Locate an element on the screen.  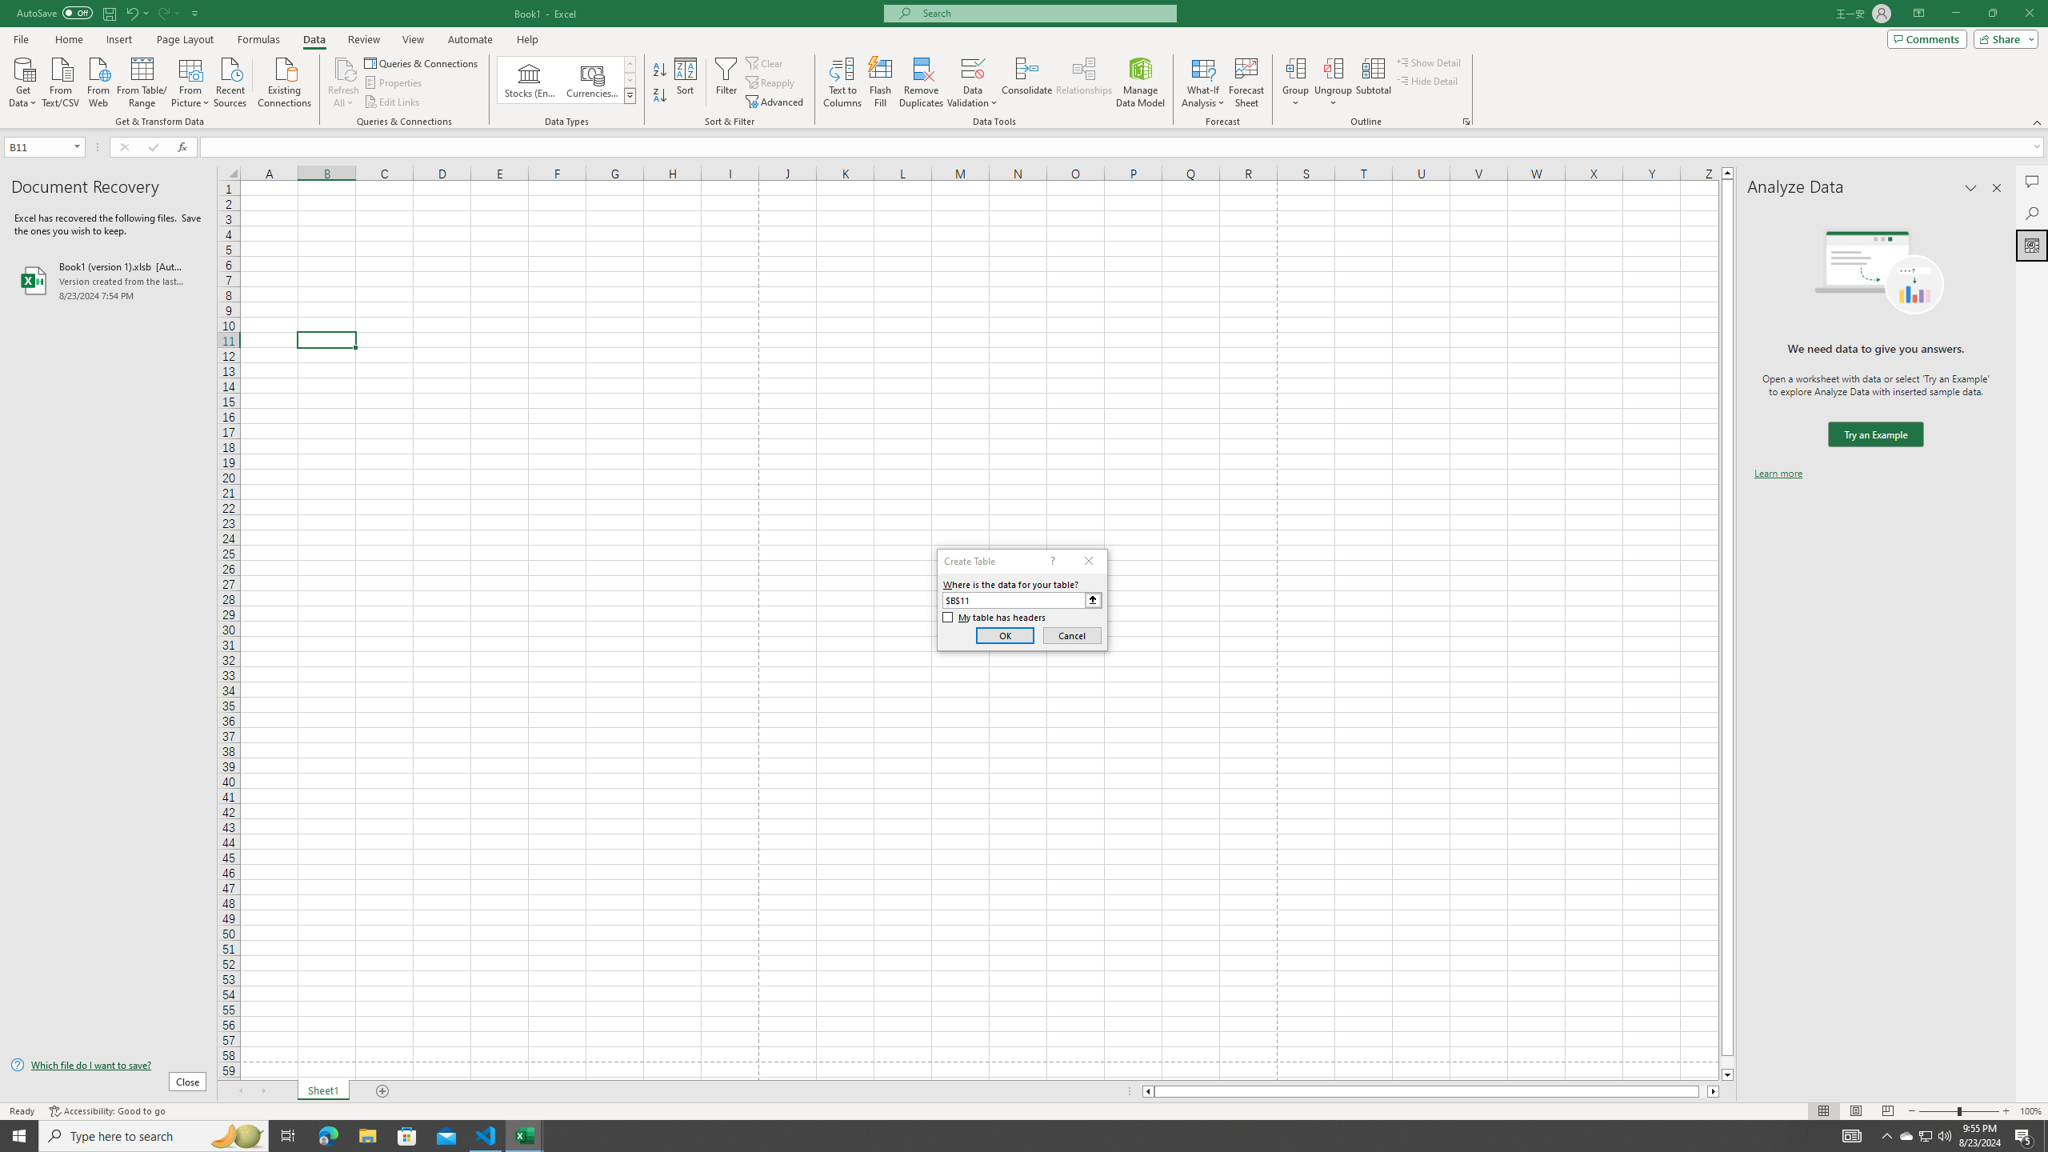
'From Picture' is located at coordinates (191, 80).